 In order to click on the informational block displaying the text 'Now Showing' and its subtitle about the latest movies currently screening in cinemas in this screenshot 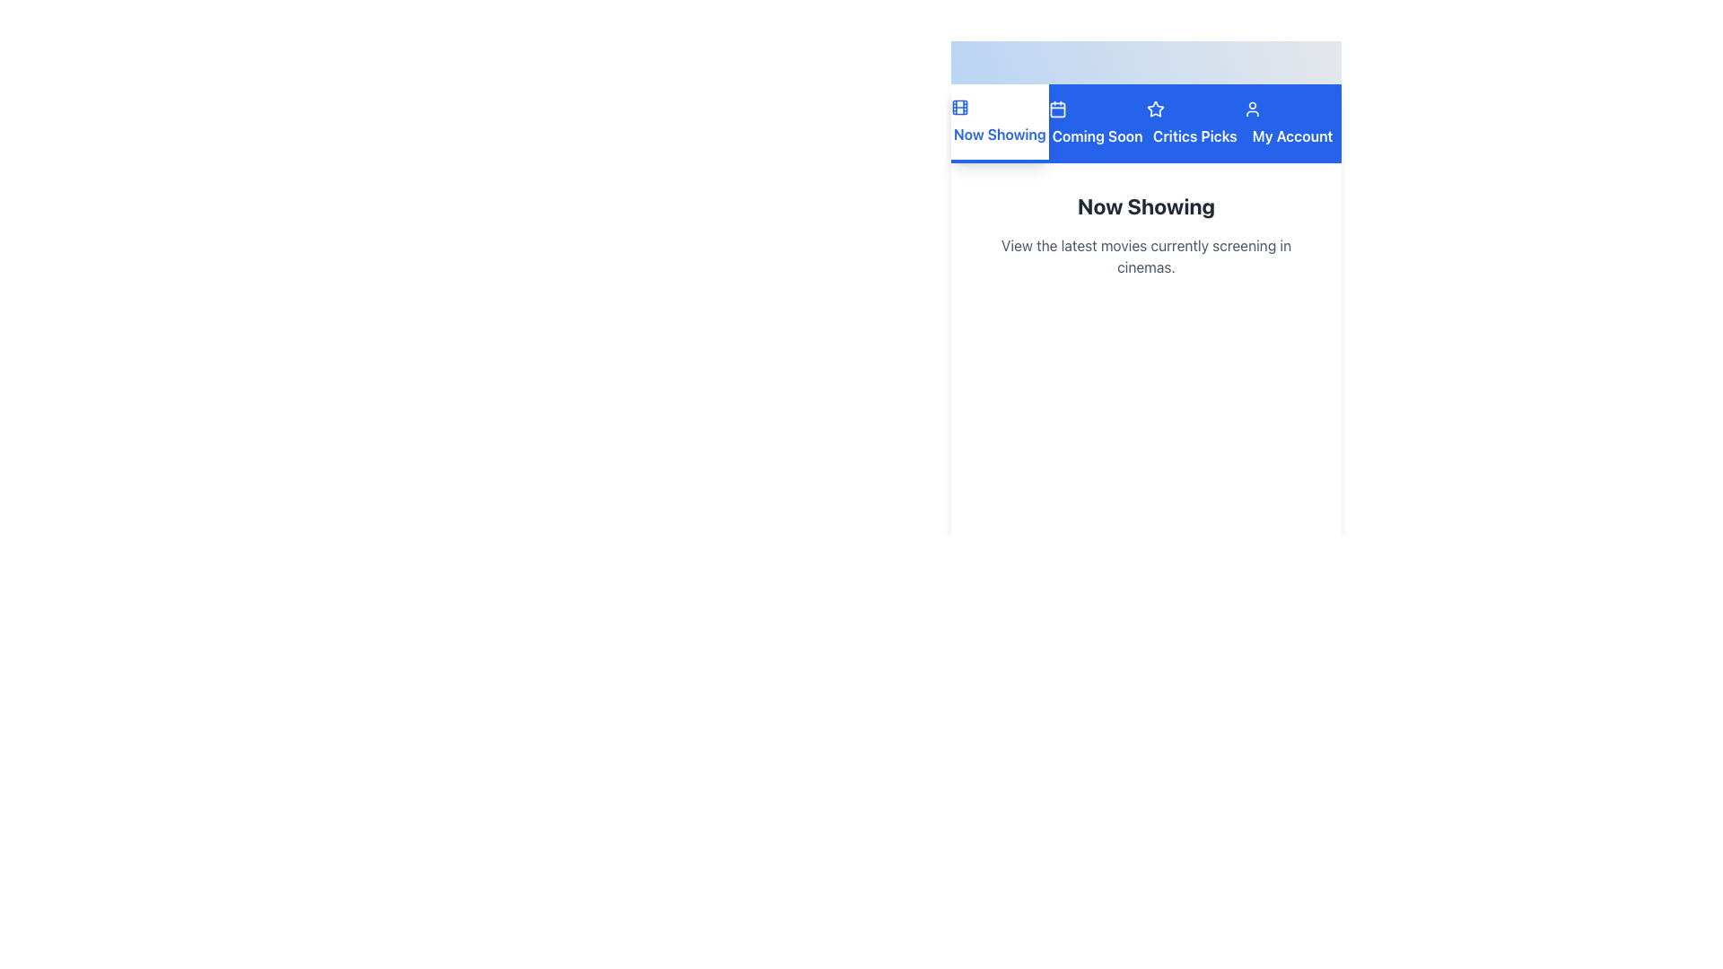, I will do `click(1145, 234)`.